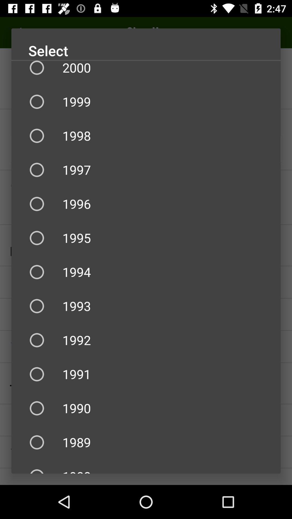 Image resolution: width=292 pixels, height=519 pixels. Describe the element at coordinates (146, 136) in the screenshot. I see `the icon below 1999 item` at that location.